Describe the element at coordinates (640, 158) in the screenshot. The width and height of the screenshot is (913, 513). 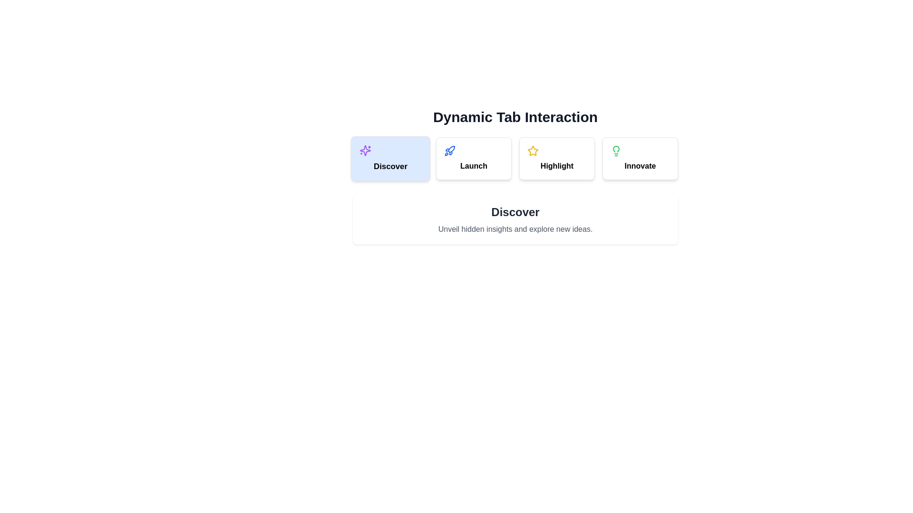
I see `the tab labeled Innovate` at that location.